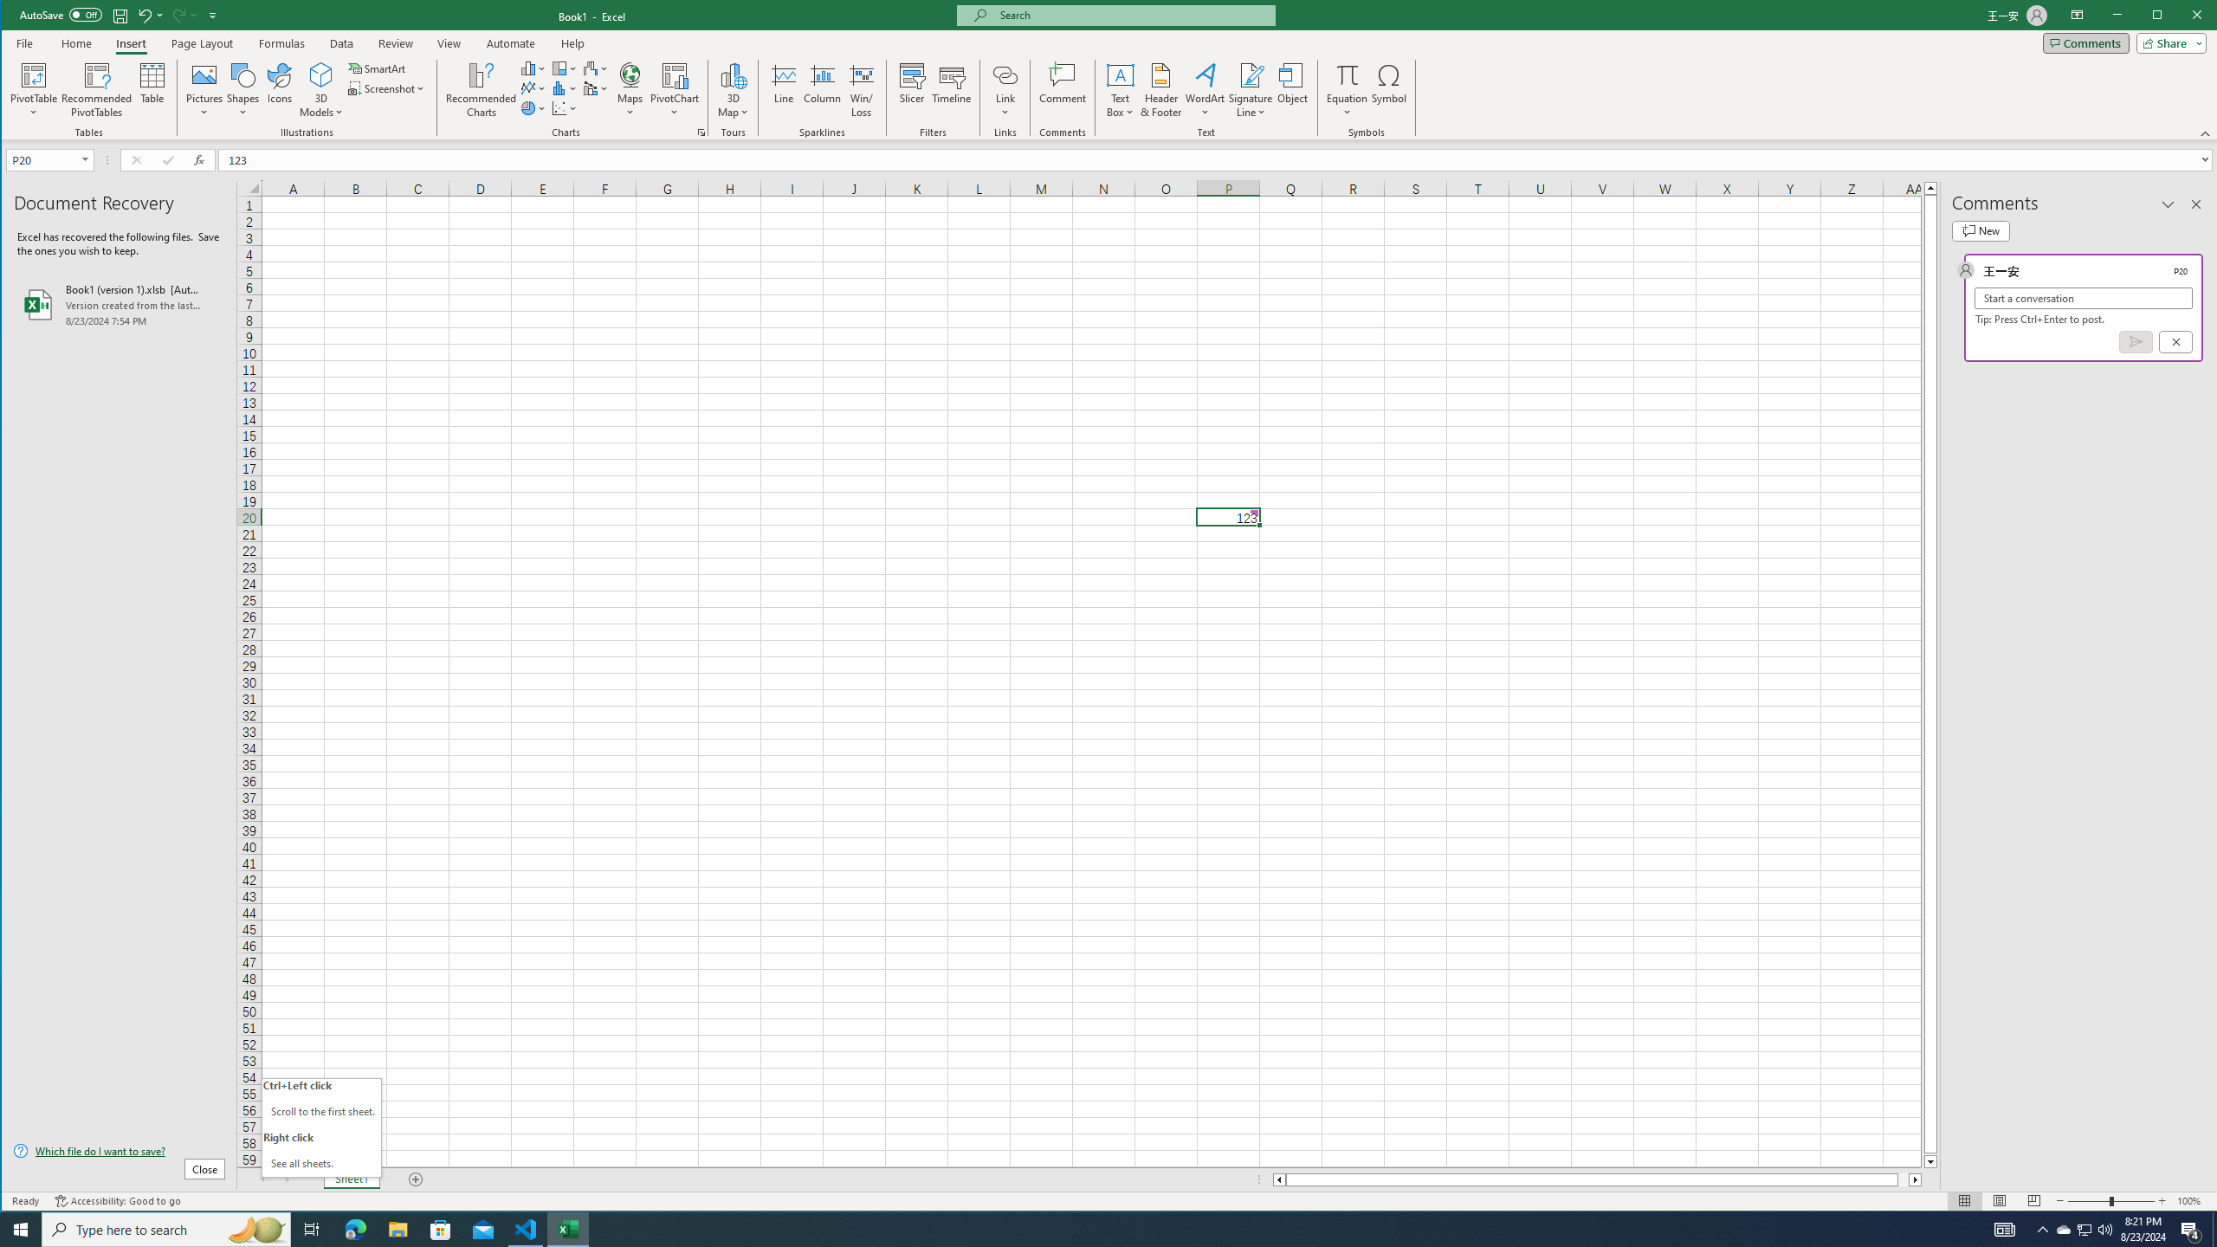 The width and height of the screenshot is (2217, 1247). What do you see at coordinates (1596, 1179) in the screenshot?
I see `'Class: NetUIScrollBar'` at bounding box center [1596, 1179].